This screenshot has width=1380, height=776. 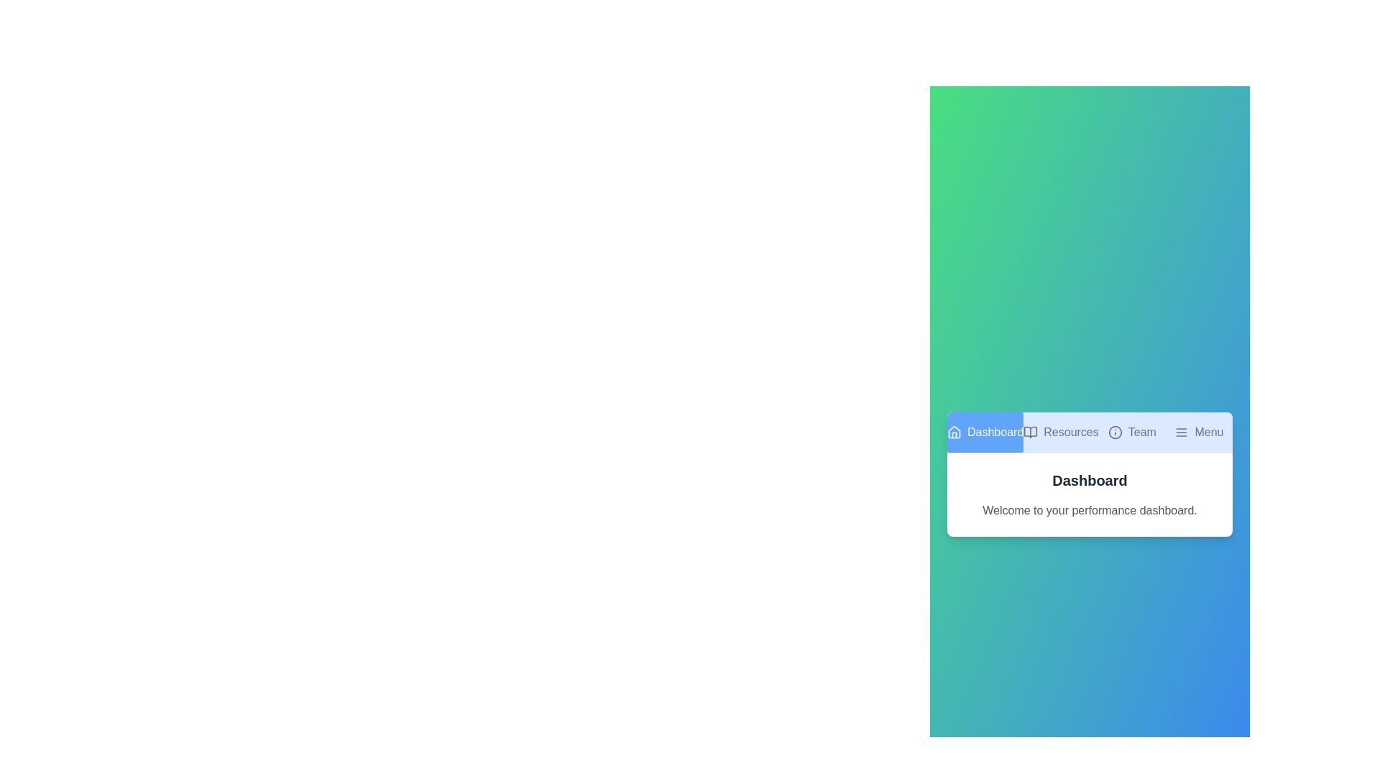 I want to click on the tab labeled Menu to observe its hover effect, so click(x=1199, y=431).